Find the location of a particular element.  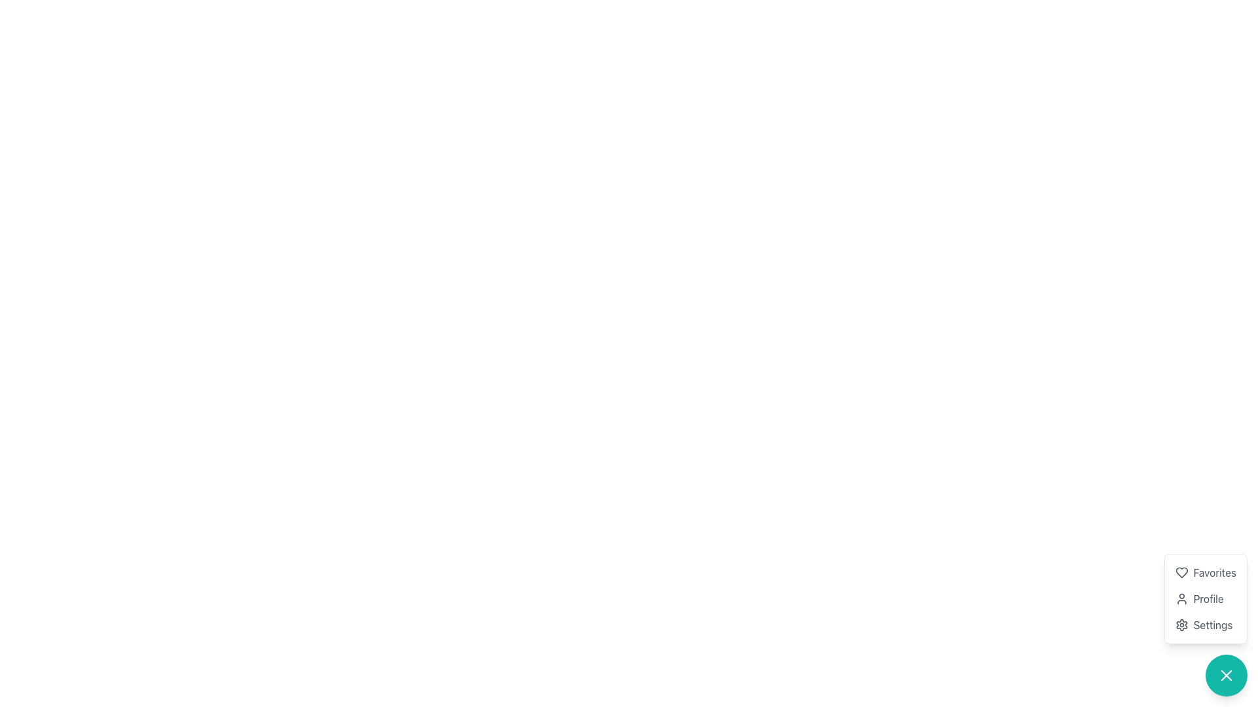

the circular teal button with a white 'X' icon located at the bottom right corner of the interface to trigger the scaling effect is located at coordinates (1226, 676).